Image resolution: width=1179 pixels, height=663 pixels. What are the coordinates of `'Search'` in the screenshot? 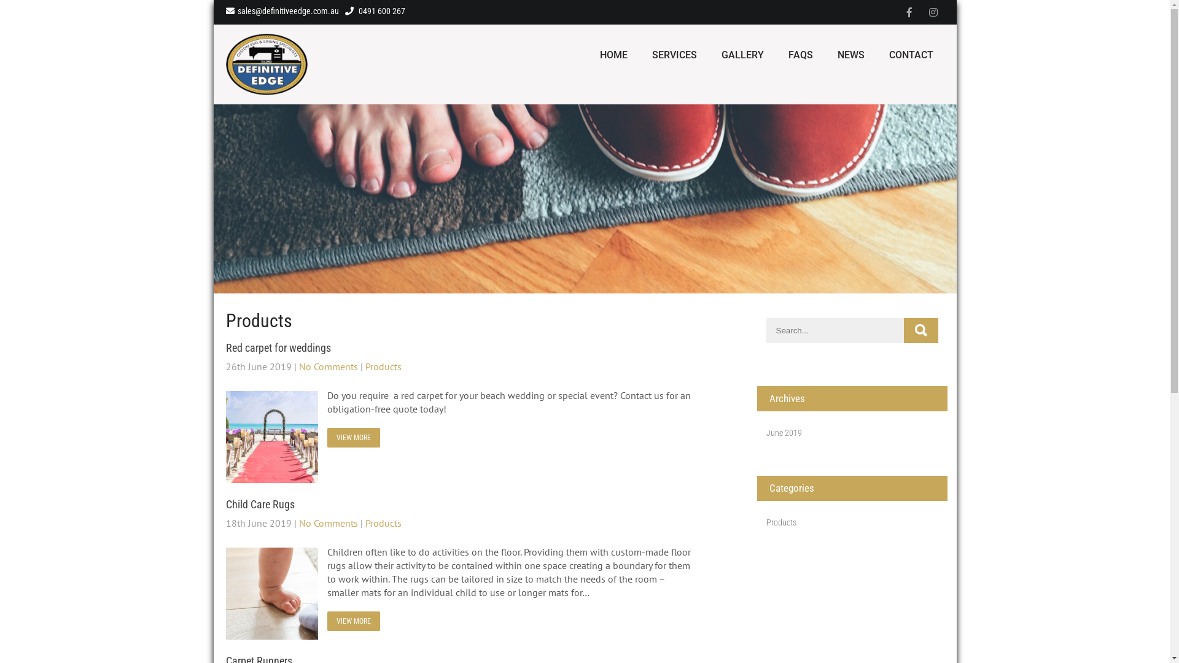 It's located at (920, 330).